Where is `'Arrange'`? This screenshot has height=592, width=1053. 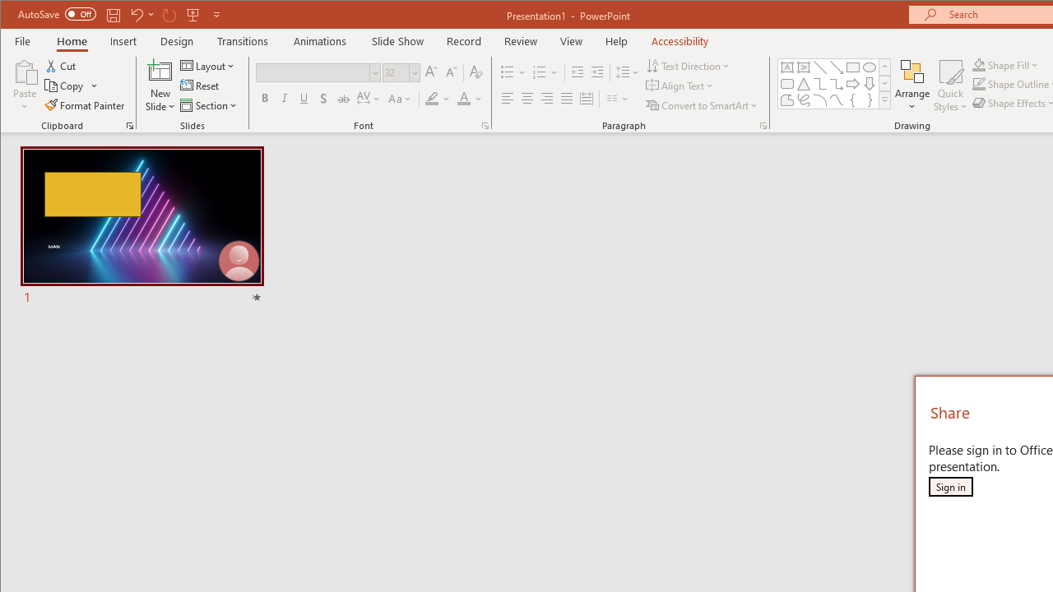 'Arrange' is located at coordinates (912, 86).